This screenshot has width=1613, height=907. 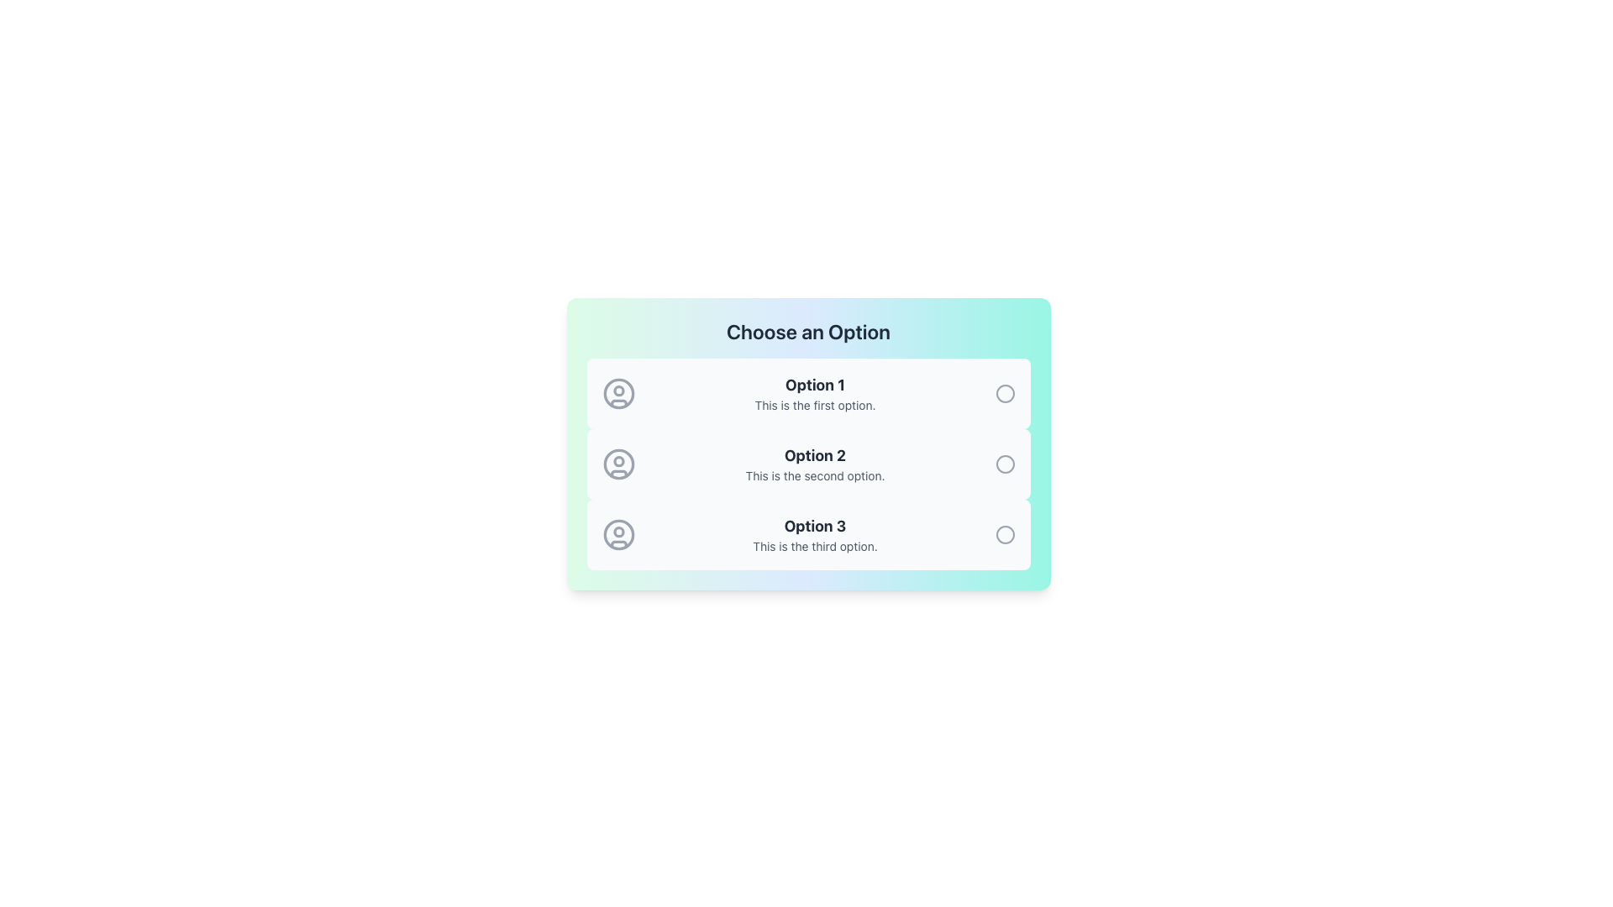 What do you see at coordinates (617, 464) in the screenshot?
I see `the circular user icon in gray color with a silhouette of a person, located on the left side of the interactive card labeled 'Option 2'` at bounding box center [617, 464].